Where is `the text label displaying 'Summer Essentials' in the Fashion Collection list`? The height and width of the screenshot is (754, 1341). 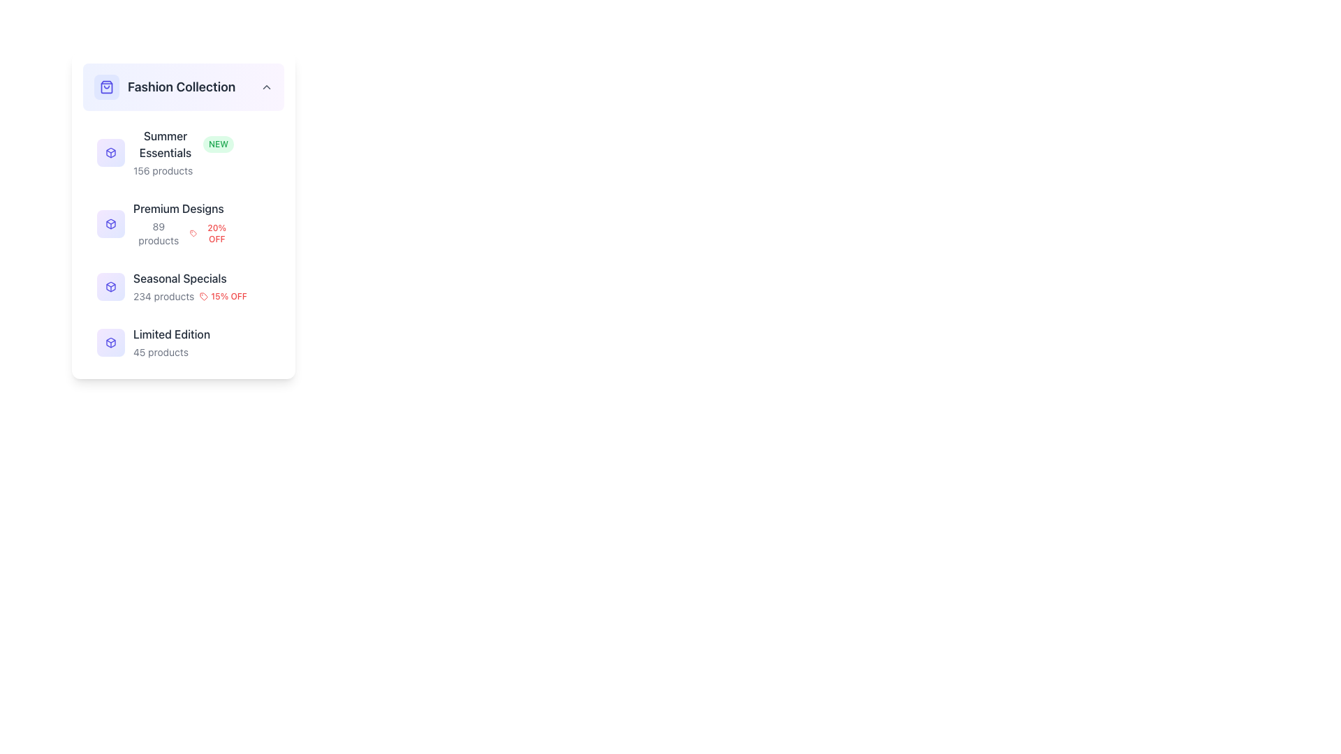
the text label displaying 'Summer Essentials' in the Fashion Collection list is located at coordinates (165, 145).